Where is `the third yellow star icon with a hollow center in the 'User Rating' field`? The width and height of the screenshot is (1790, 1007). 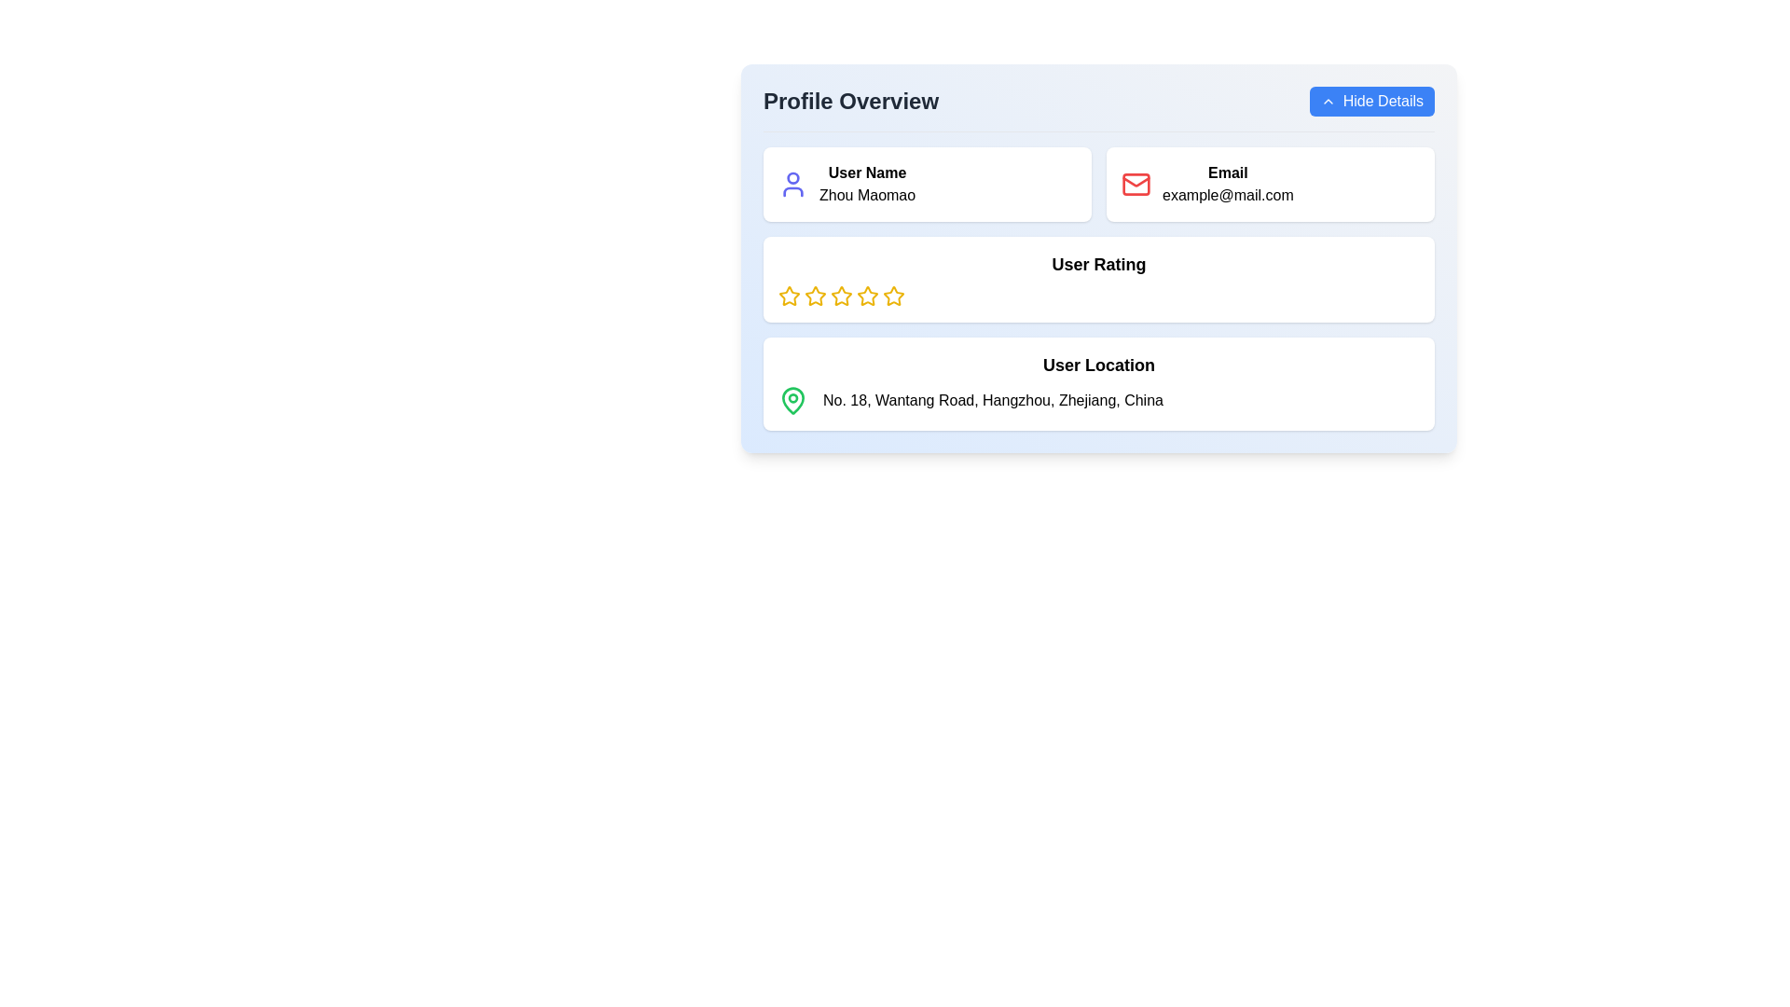
the third yellow star icon with a hollow center in the 'User Rating' field is located at coordinates (815, 295).